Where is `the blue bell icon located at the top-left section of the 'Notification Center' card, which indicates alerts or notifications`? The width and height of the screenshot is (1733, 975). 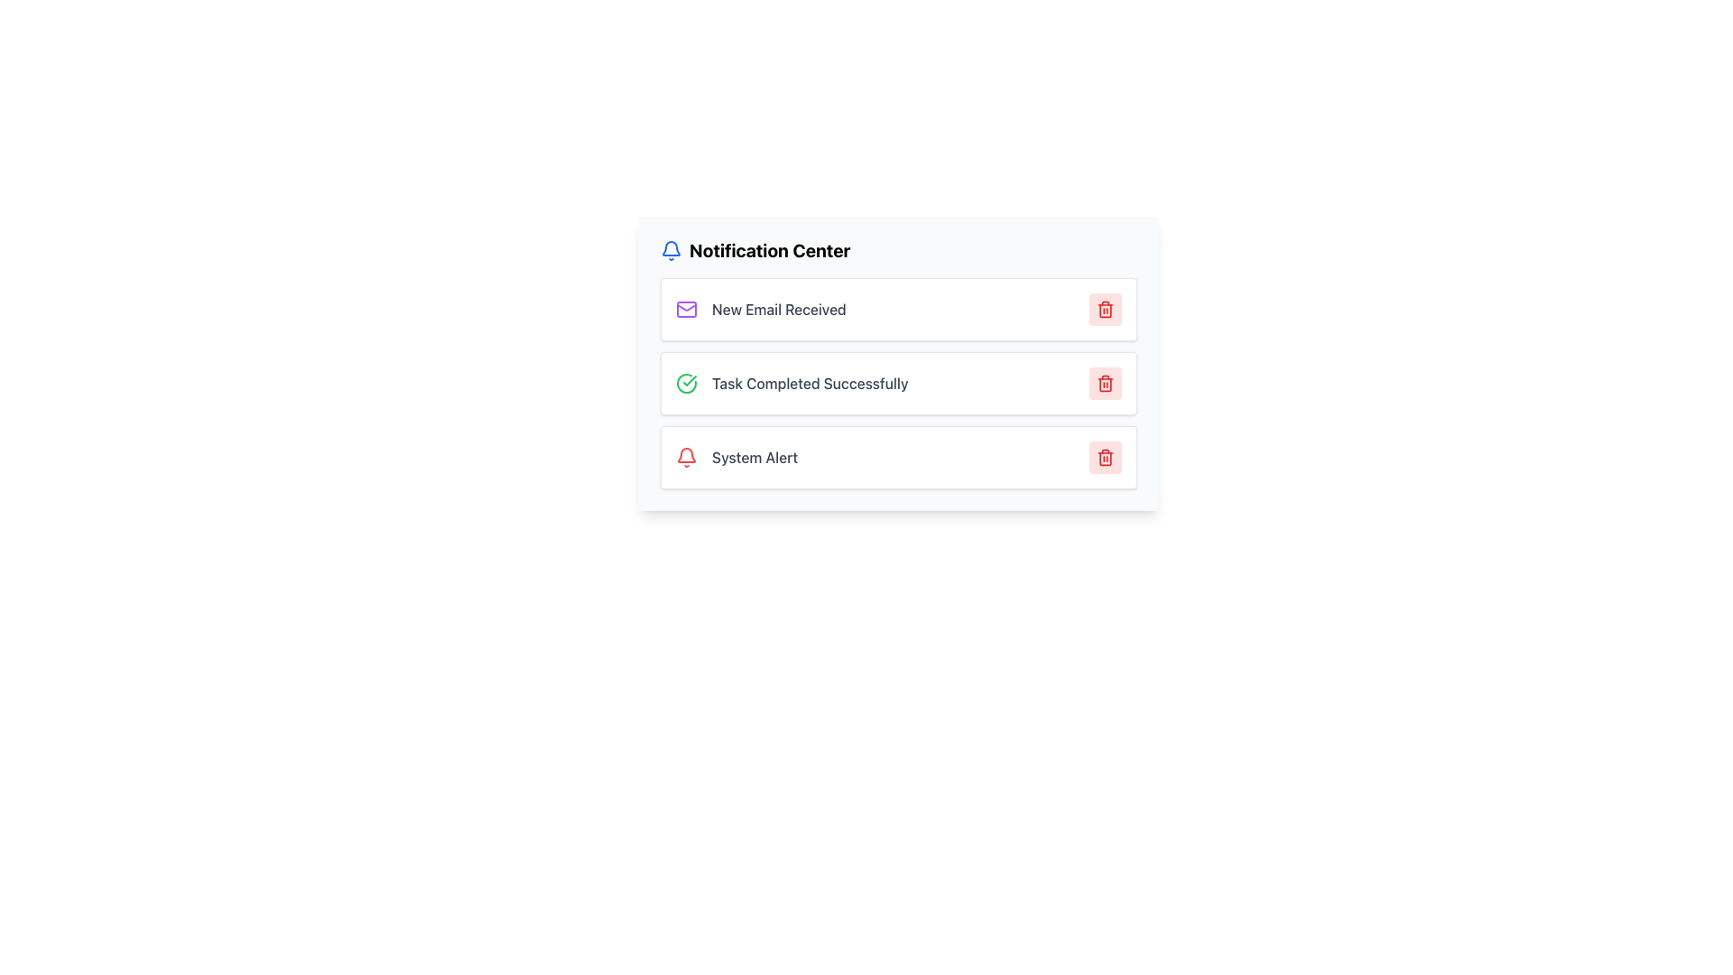 the blue bell icon located at the top-left section of the 'Notification Center' card, which indicates alerts or notifications is located at coordinates (671, 250).